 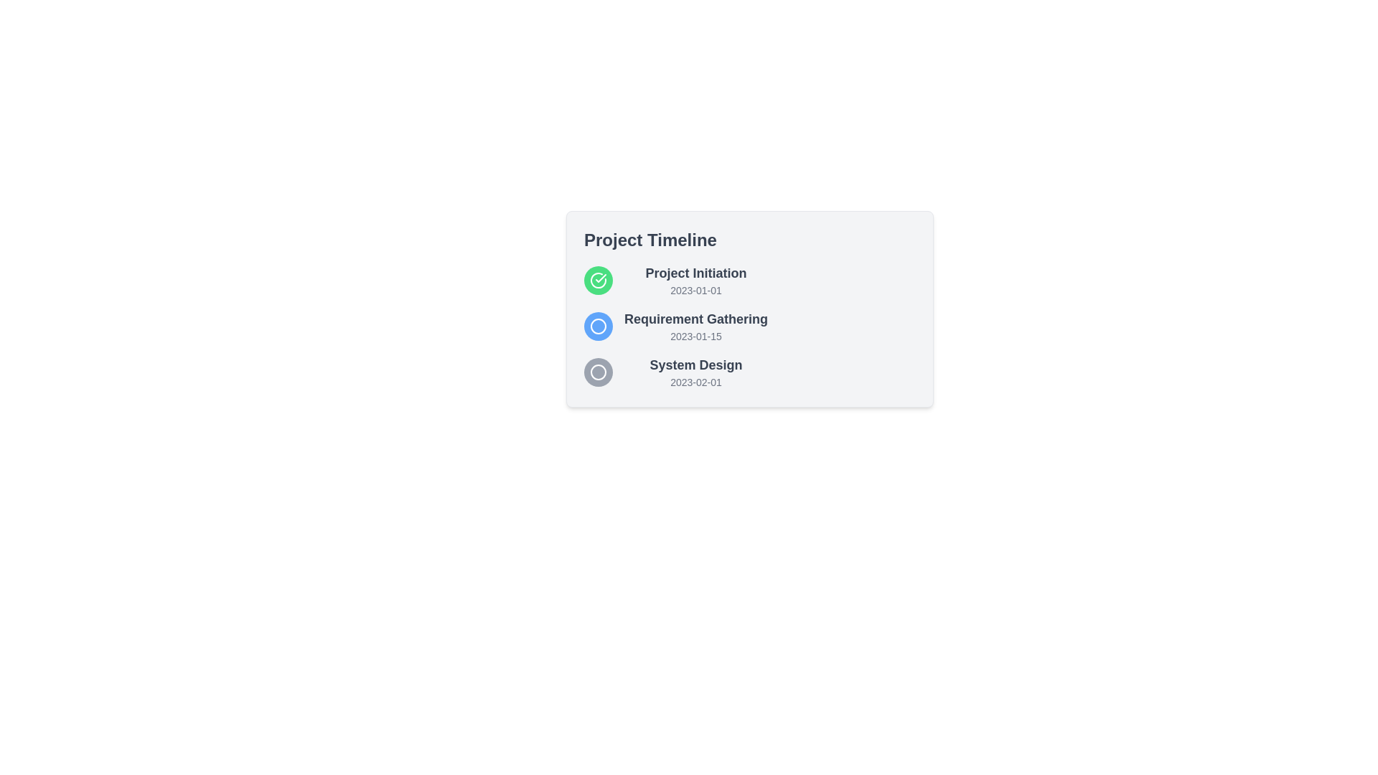 I want to click on the 'System Design' milestone text element, so click(x=695, y=372).